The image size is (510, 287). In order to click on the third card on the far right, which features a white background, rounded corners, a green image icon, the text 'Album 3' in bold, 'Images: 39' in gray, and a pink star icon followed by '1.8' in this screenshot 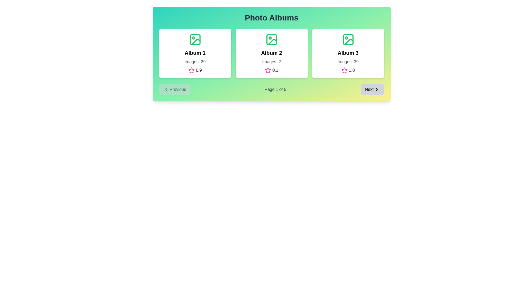, I will do `click(348, 53)`.